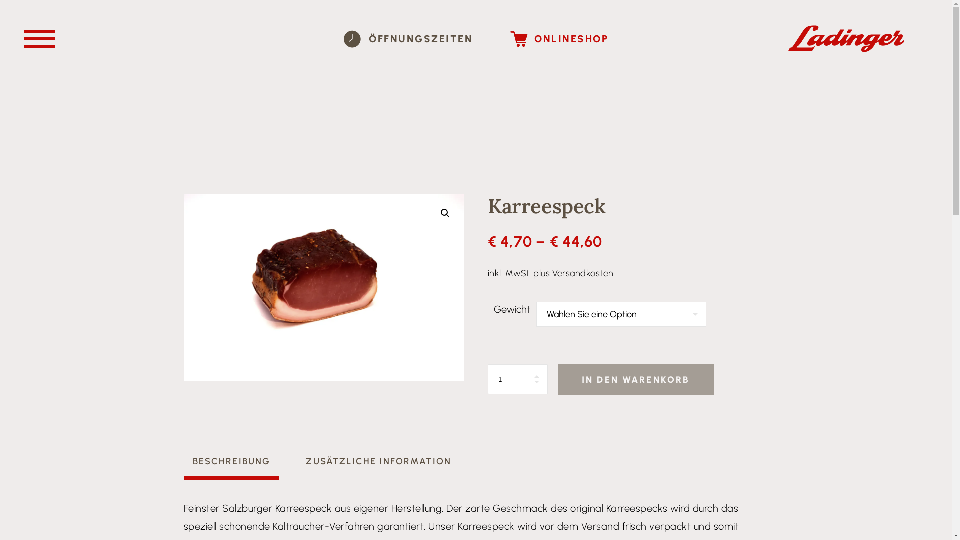 The width and height of the screenshot is (960, 540). What do you see at coordinates (518, 379) in the screenshot?
I see `'Qty'` at bounding box center [518, 379].